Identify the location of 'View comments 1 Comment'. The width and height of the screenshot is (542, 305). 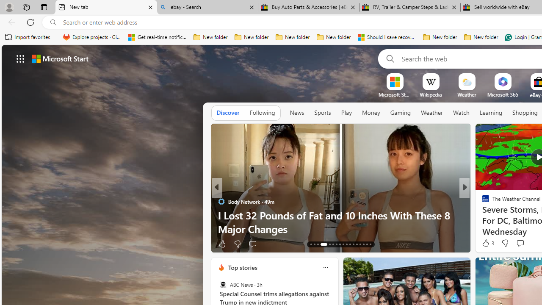
(525, 244).